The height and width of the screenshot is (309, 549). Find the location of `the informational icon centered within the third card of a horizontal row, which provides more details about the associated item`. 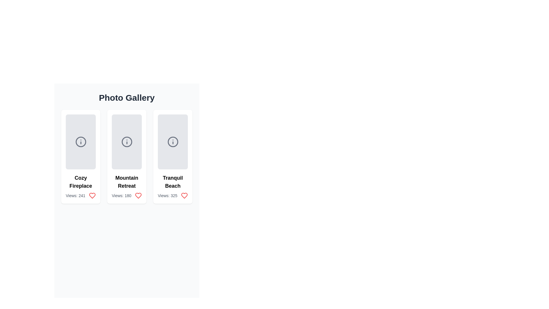

the informational icon centered within the third card of a horizontal row, which provides more details about the associated item is located at coordinates (172, 142).